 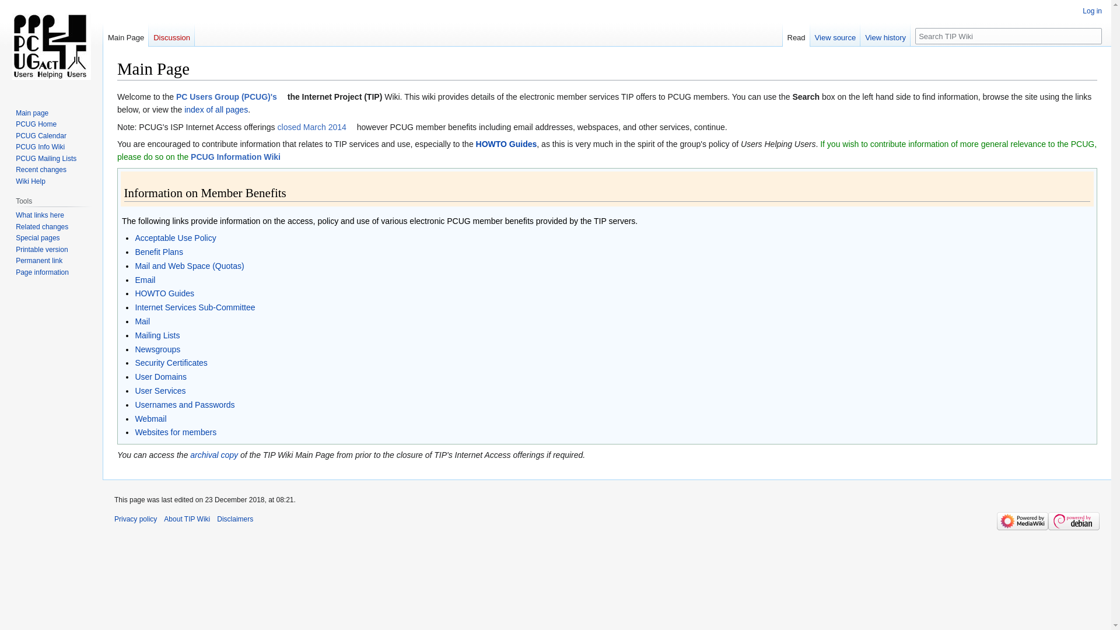 What do you see at coordinates (175, 432) in the screenshot?
I see `'Websites for members'` at bounding box center [175, 432].